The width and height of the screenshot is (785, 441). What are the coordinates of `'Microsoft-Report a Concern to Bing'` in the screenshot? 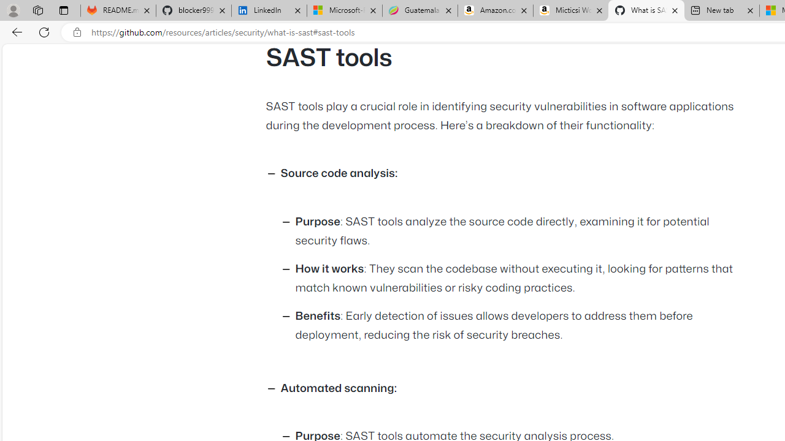 It's located at (343, 10).